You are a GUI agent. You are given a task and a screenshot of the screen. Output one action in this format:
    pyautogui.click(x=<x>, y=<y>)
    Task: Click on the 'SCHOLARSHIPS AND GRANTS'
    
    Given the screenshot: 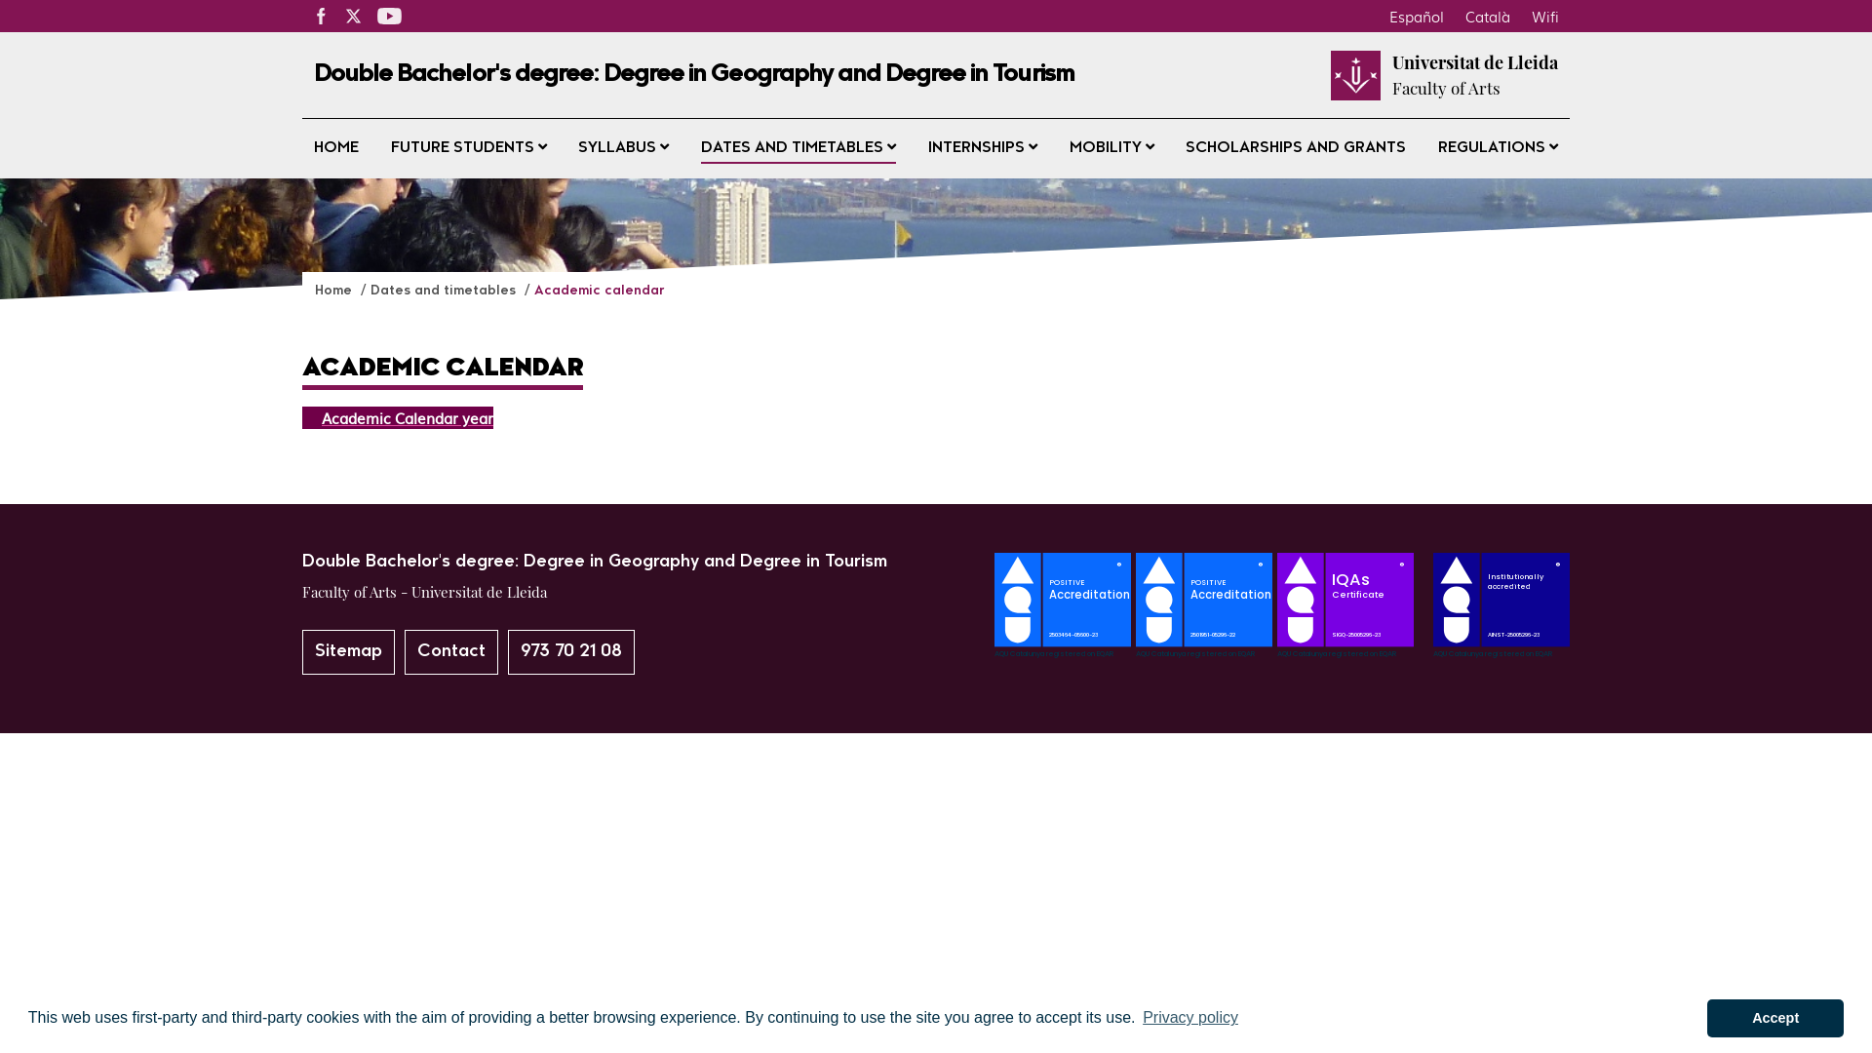 What is the action you would take?
    pyautogui.click(x=1296, y=146)
    